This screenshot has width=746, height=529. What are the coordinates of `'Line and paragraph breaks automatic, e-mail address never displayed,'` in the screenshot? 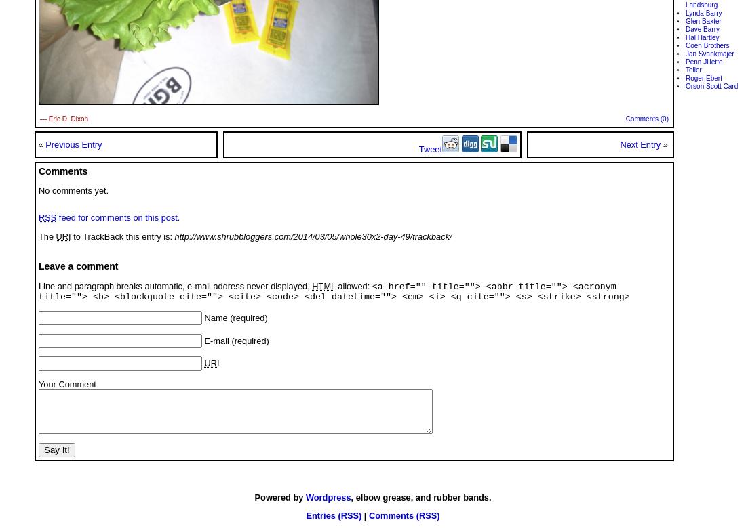 It's located at (175, 284).